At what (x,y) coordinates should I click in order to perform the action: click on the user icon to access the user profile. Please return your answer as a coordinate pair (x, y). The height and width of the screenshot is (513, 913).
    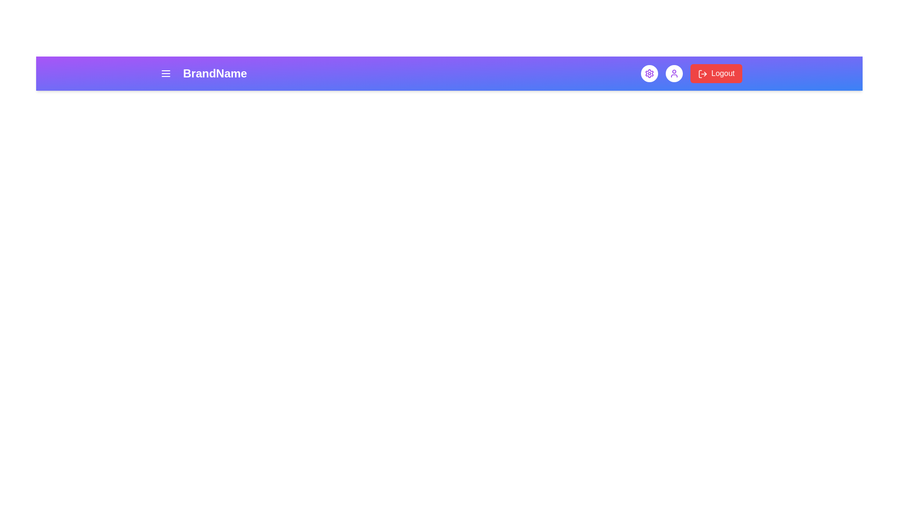
    Looking at the image, I should click on (673, 73).